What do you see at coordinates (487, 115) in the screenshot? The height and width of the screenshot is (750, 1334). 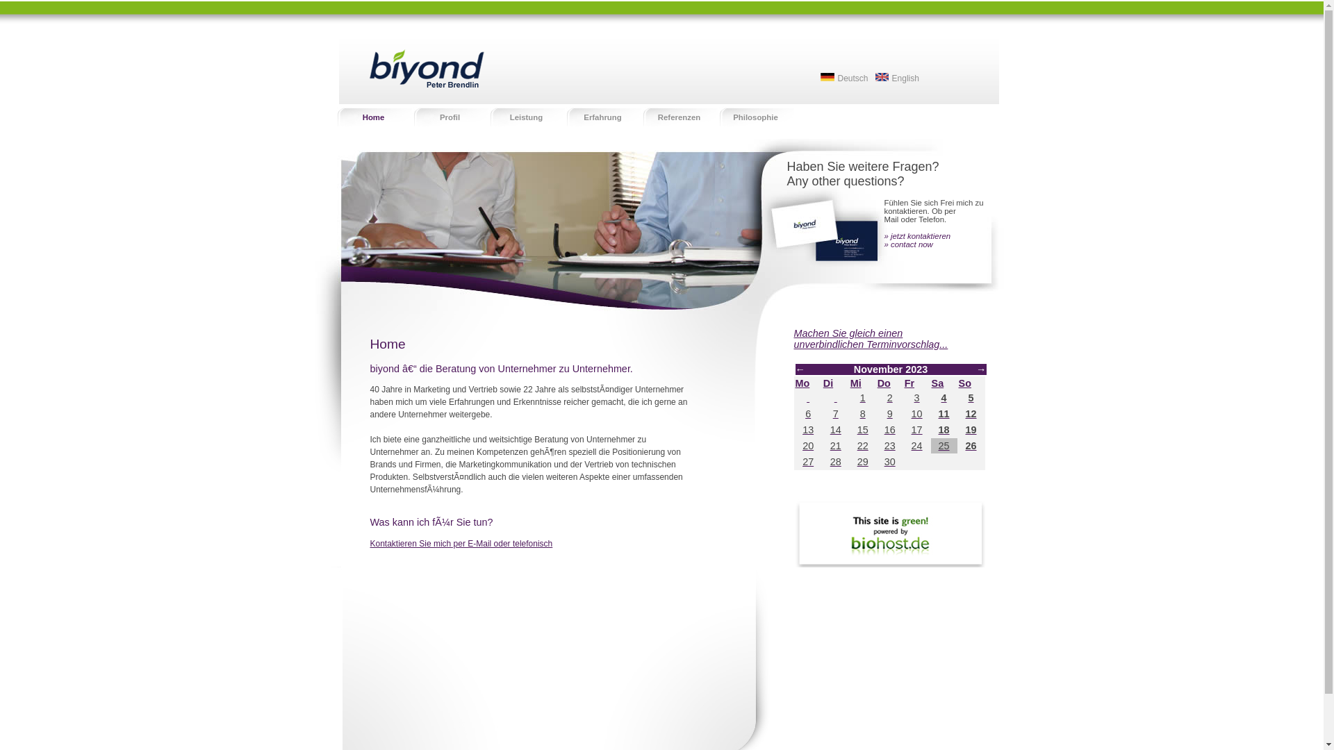 I see `'Leistung'` at bounding box center [487, 115].